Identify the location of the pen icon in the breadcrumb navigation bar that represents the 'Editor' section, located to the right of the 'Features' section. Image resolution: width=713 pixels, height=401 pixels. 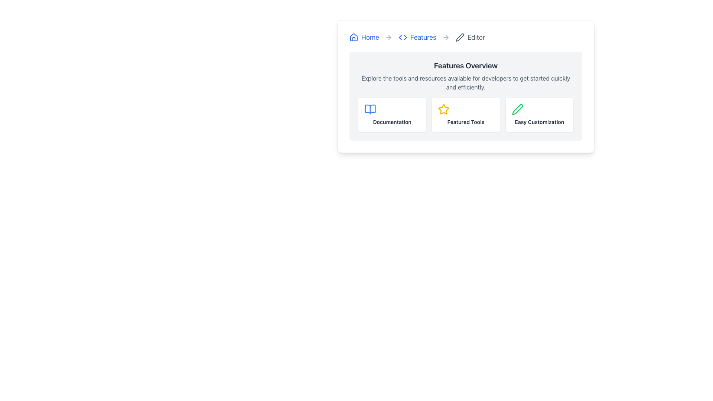
(459, 37).